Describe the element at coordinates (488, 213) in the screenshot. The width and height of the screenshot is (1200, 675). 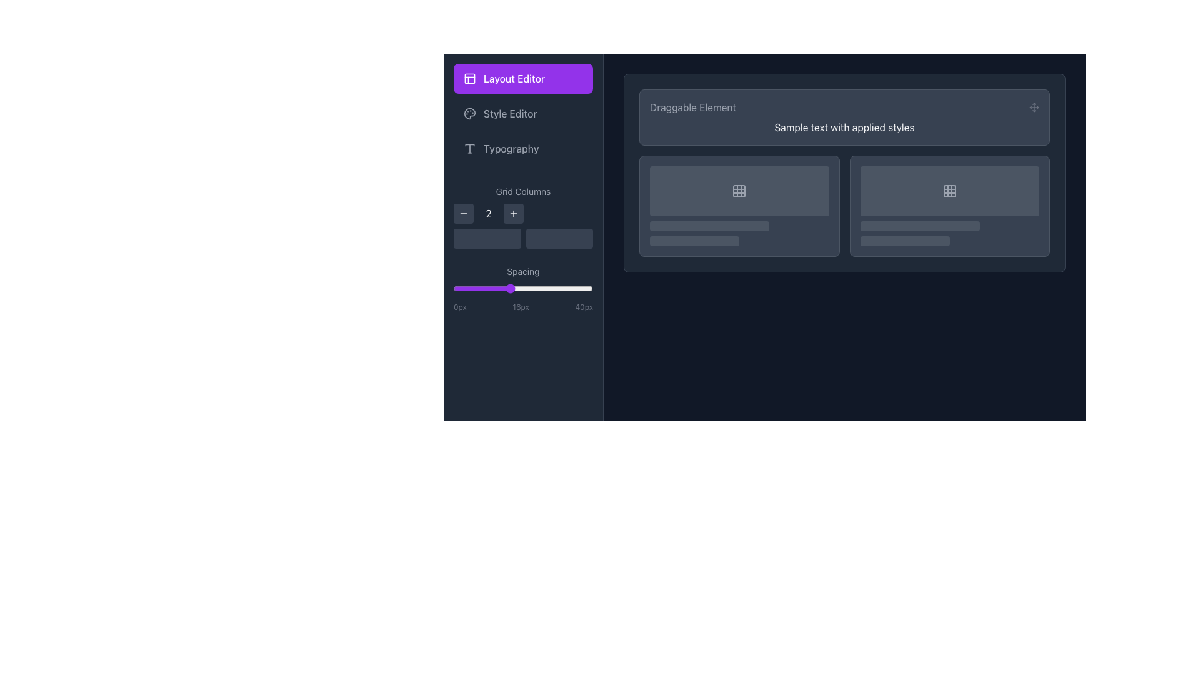
I see `the numeric label displaying '2' within the stepper control in the 'Grid Columns' section of the 'Layout Editor' sidebar, which has a dark background and is centrally aligned` at that location.